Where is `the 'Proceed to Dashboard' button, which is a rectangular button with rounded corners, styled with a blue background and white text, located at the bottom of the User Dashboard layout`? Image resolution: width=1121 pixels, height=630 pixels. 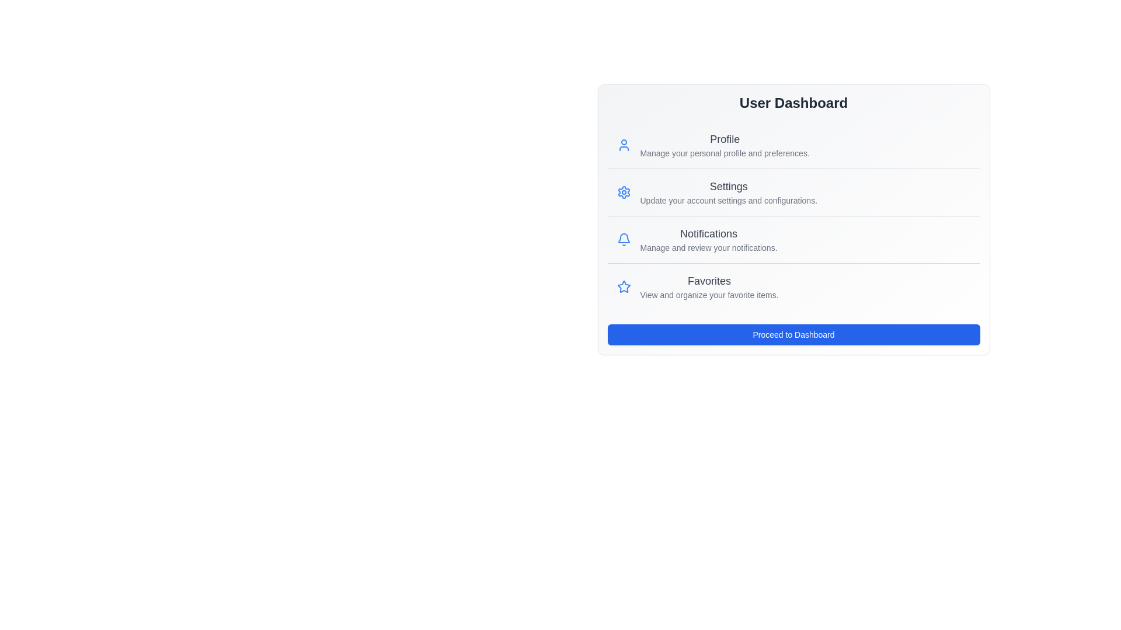
the 'Proceed to Dashboard' button, which is a rectangular button with rounded corners, styled with a blue background and white text, located at the bottom of the User Dashboard layout is located at coordinates (793, 335).